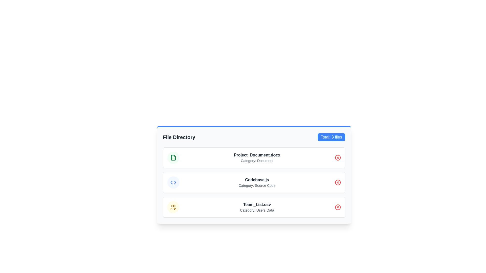 This screenshot has width=486, height=273. I want to click on text label that describes the category of the file 'Team_List.csv', located at the bottom of the card beneath the file name and next to a circular icon, so click(257, 210).